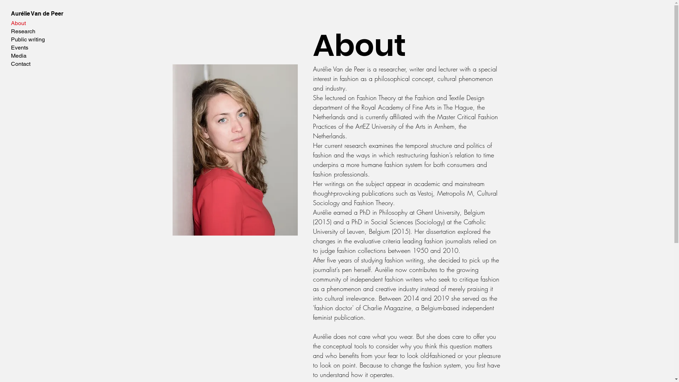 The height and width of the screenshot is (382, 679). Describe the element at coordinates (36, 31) in the screenshot. I see `'Research'` at that location.